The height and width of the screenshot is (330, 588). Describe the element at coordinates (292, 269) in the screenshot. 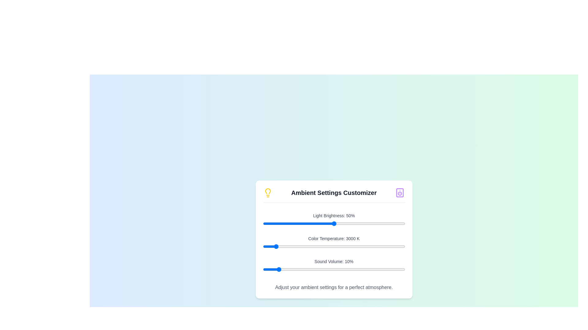

I see `the sound volume` at that location.